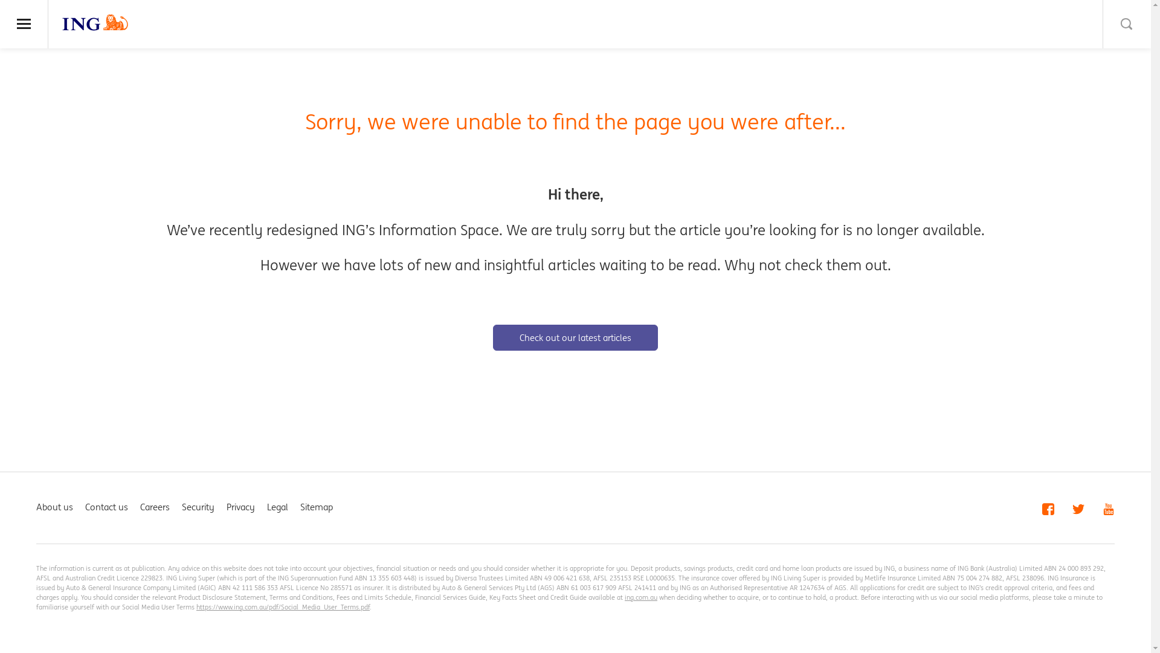  What do you see at coordinates (54, 507) in the screenshot?
I see `'About us'` at bounding box center [54, 507].